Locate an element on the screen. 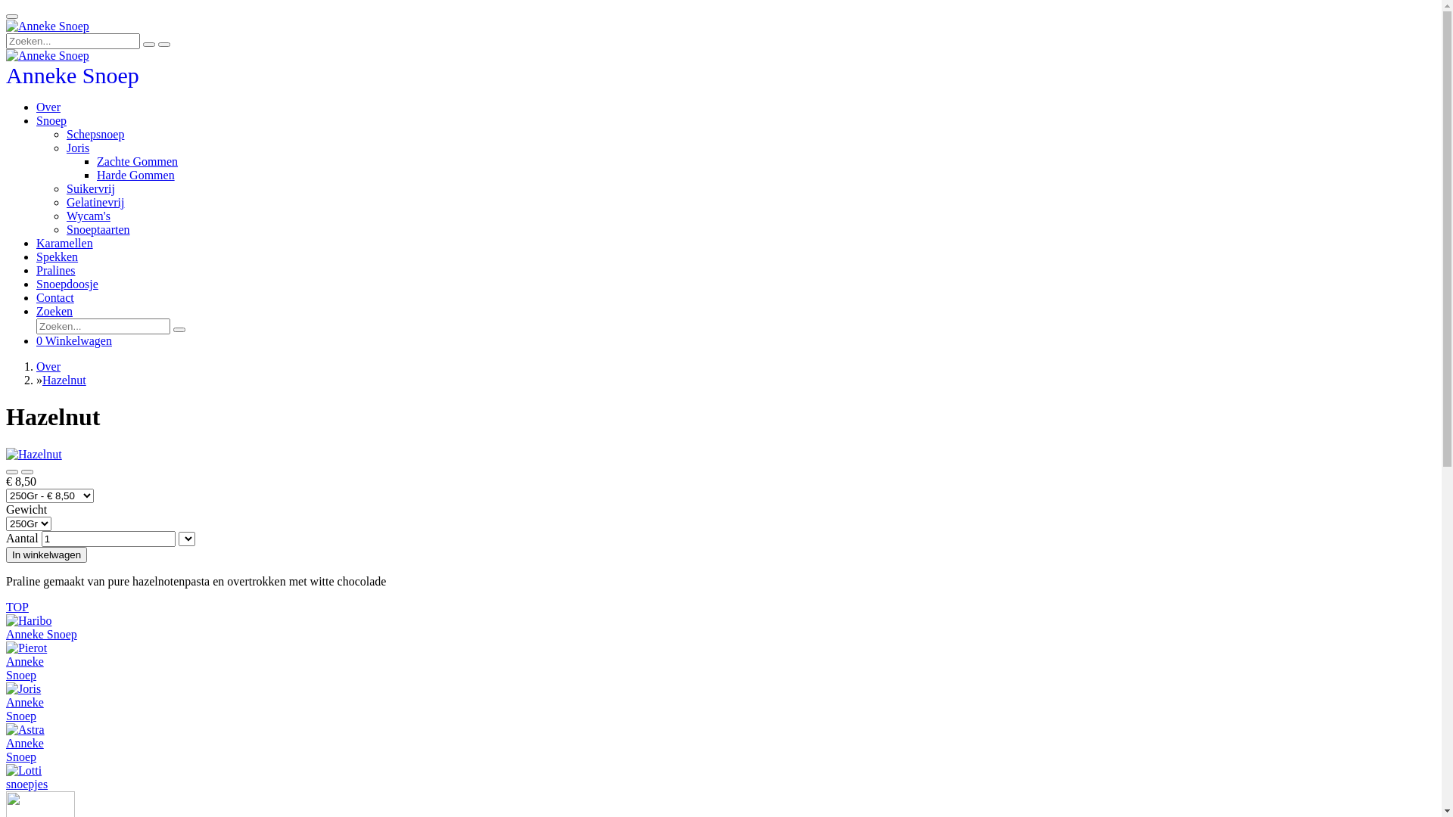 Image resolution: width=1453 pixels, height=817 pixels. '0 Winkelwagen' is located at coordinates (73, 340).